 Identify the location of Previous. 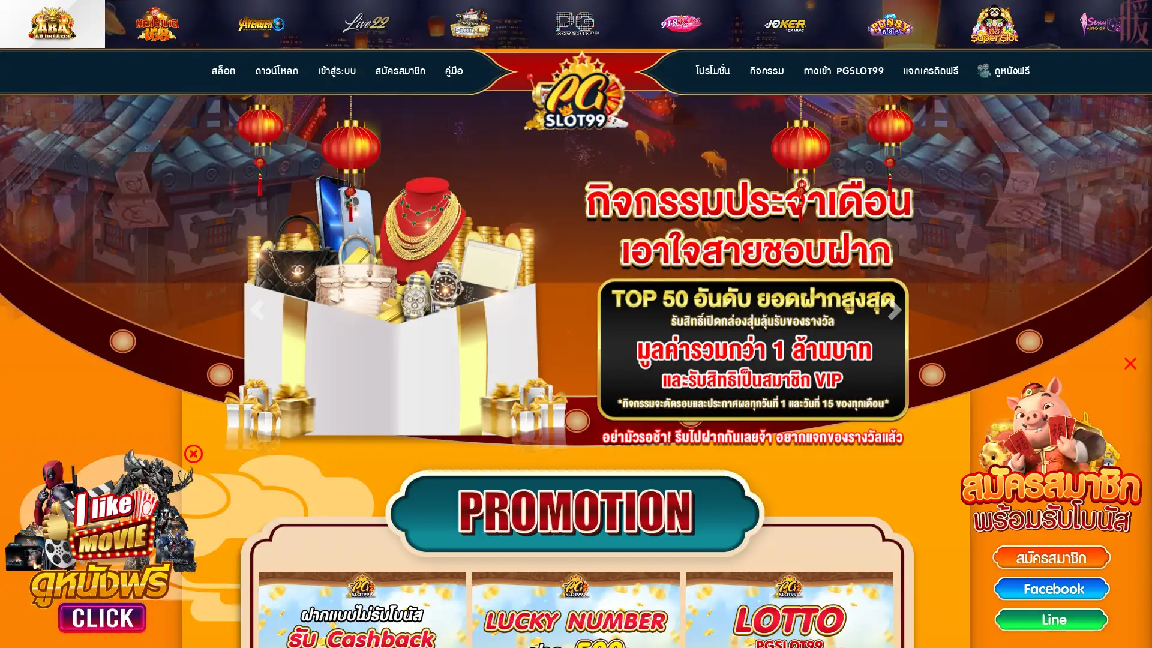
(256, 307).